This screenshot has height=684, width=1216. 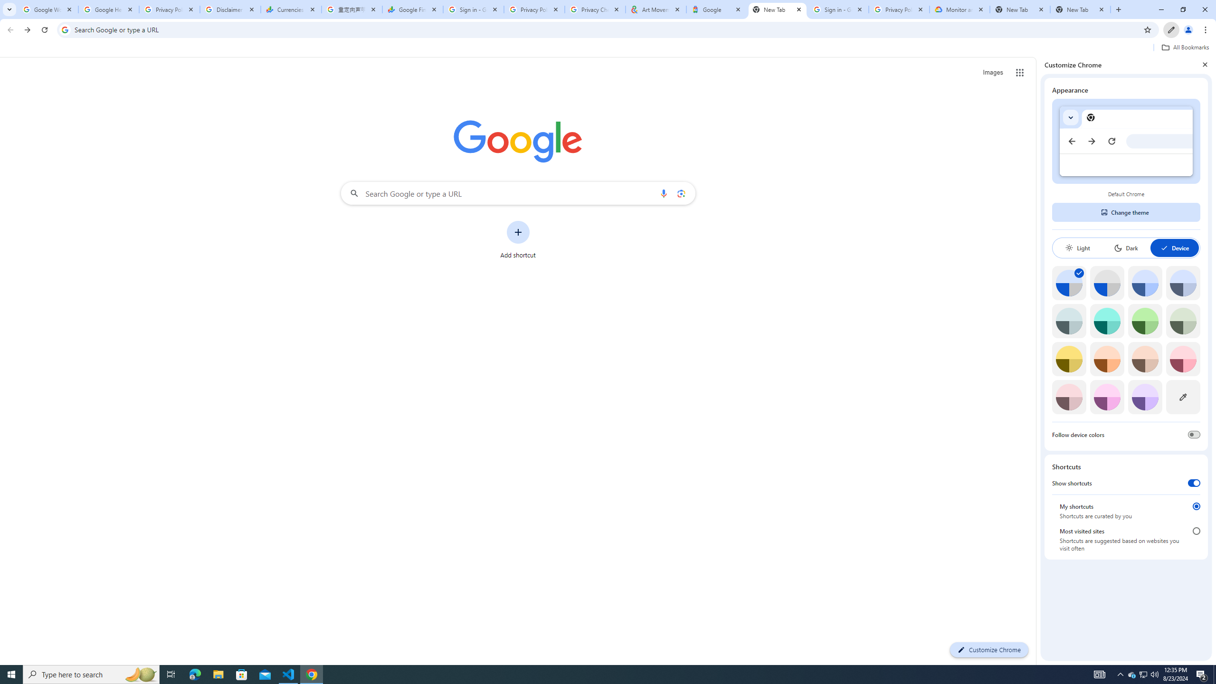 What do you see at coordinates (1174, 247) in the screenshot?
I see `'Device'` at bounding box center [1174, 247].